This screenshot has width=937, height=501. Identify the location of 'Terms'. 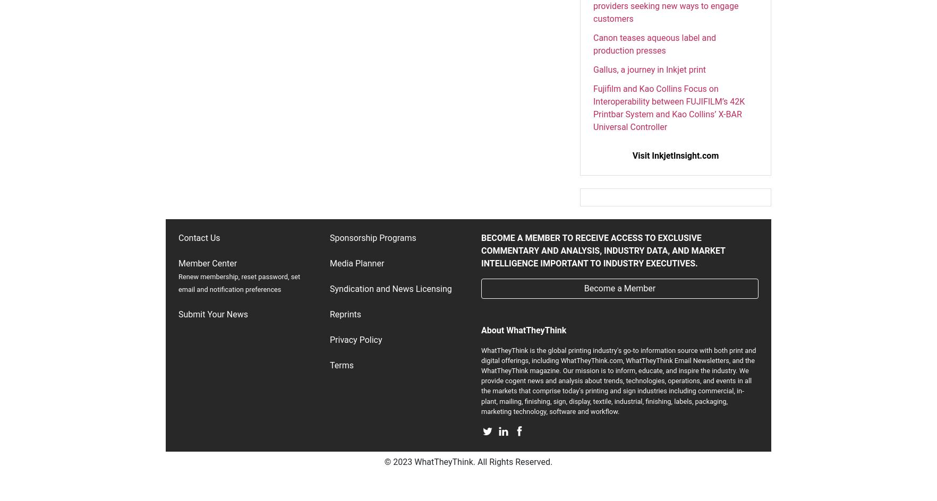
(341, 364).